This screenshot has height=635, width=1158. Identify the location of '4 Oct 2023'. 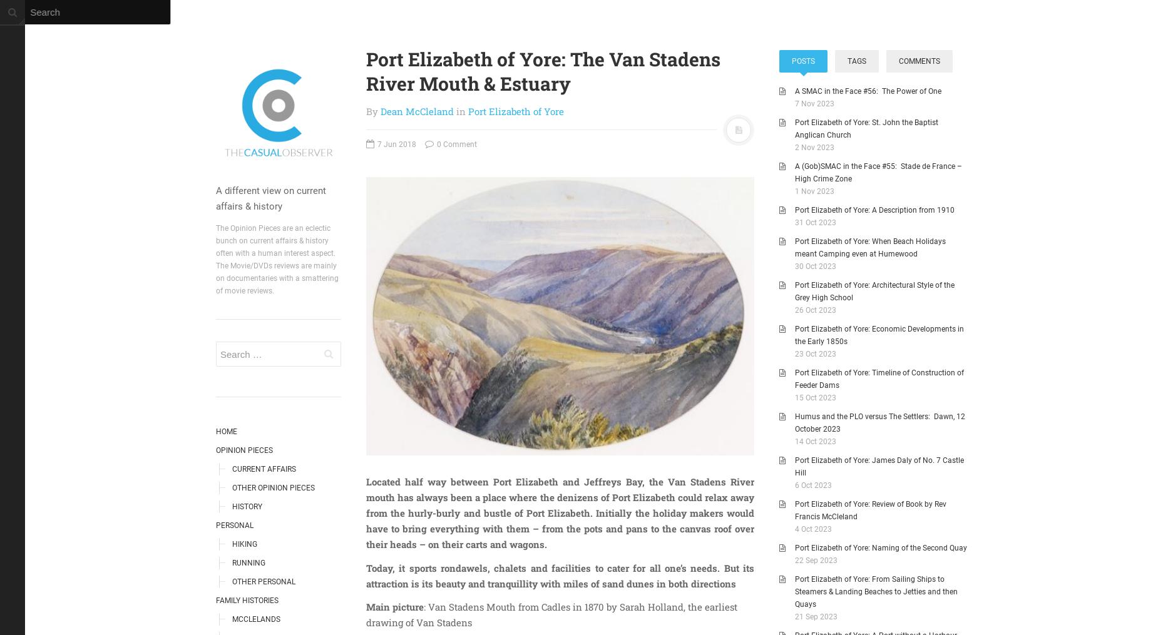
(794, 529).